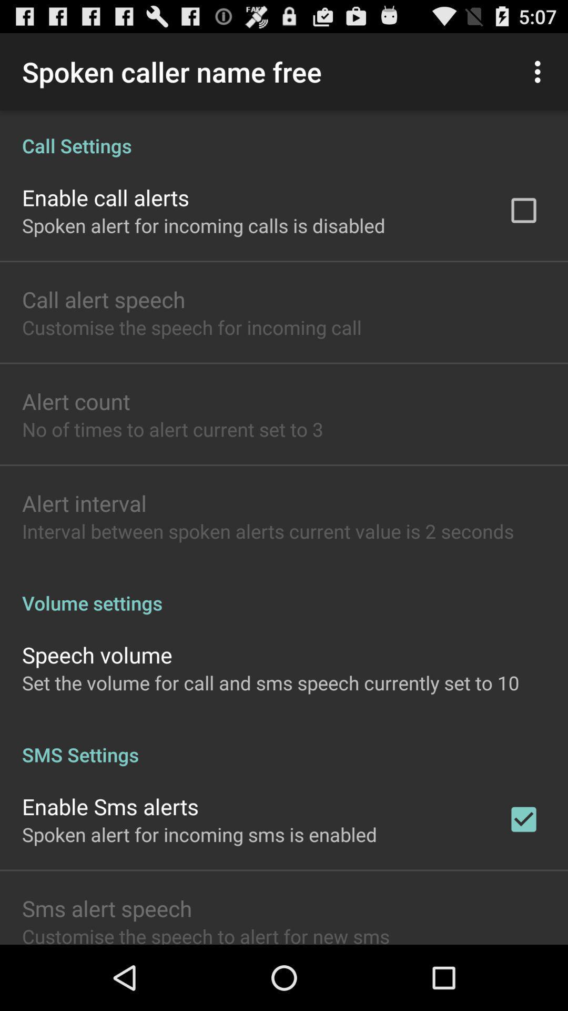 The height and width of the screenshot is (1011, 568). I want to click on interval between spoken, so click(267, 531).